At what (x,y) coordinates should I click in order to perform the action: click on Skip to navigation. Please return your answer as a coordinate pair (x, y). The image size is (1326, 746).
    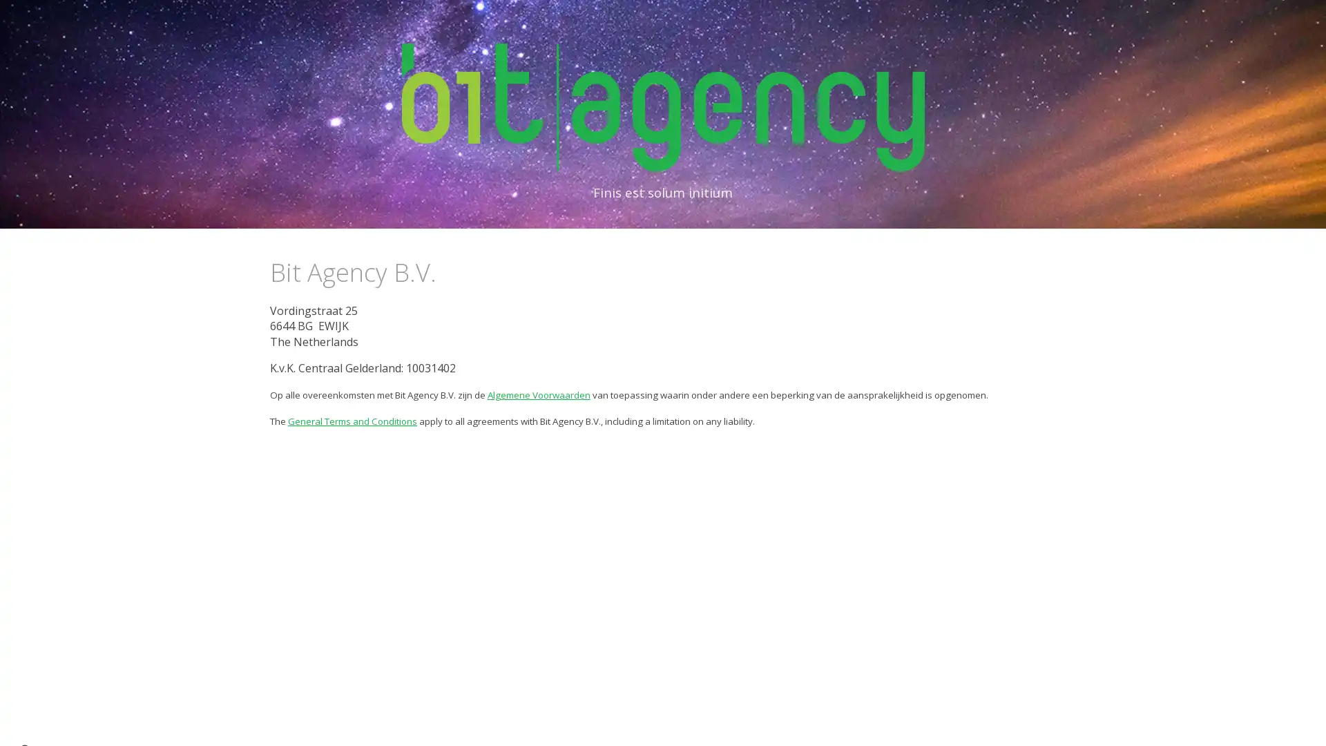
    Looking at the image, I should click on (787, 26).